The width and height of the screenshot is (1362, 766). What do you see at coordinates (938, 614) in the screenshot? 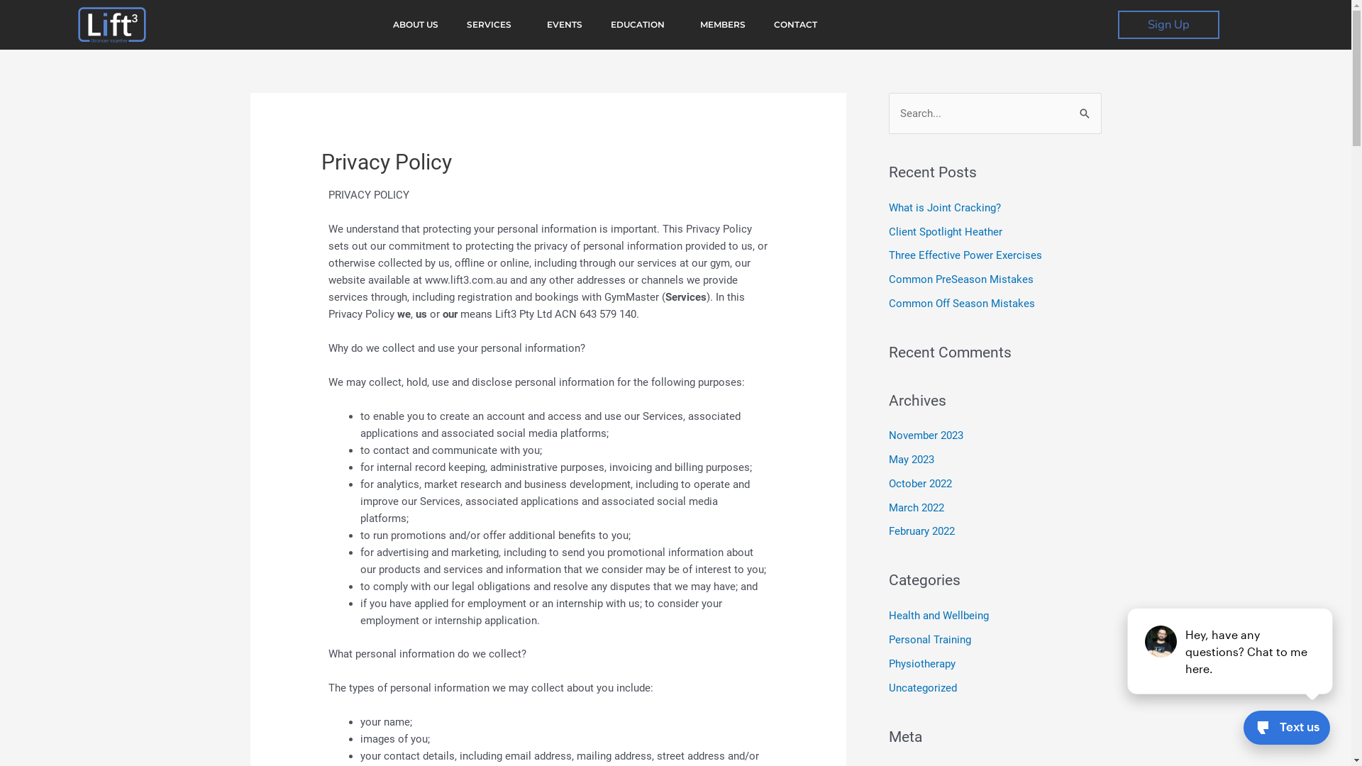
I see `'Health and Wellbeing'` at bounding box center [938, 614].